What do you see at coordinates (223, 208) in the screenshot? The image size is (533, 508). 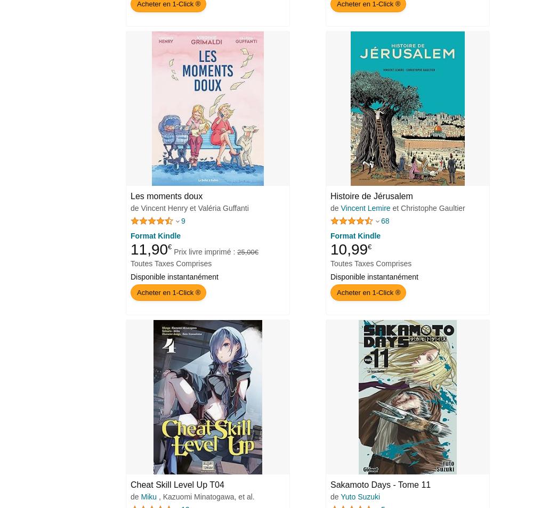 I see `'Valéria Guffanti'` at bounding box center [223, 208].